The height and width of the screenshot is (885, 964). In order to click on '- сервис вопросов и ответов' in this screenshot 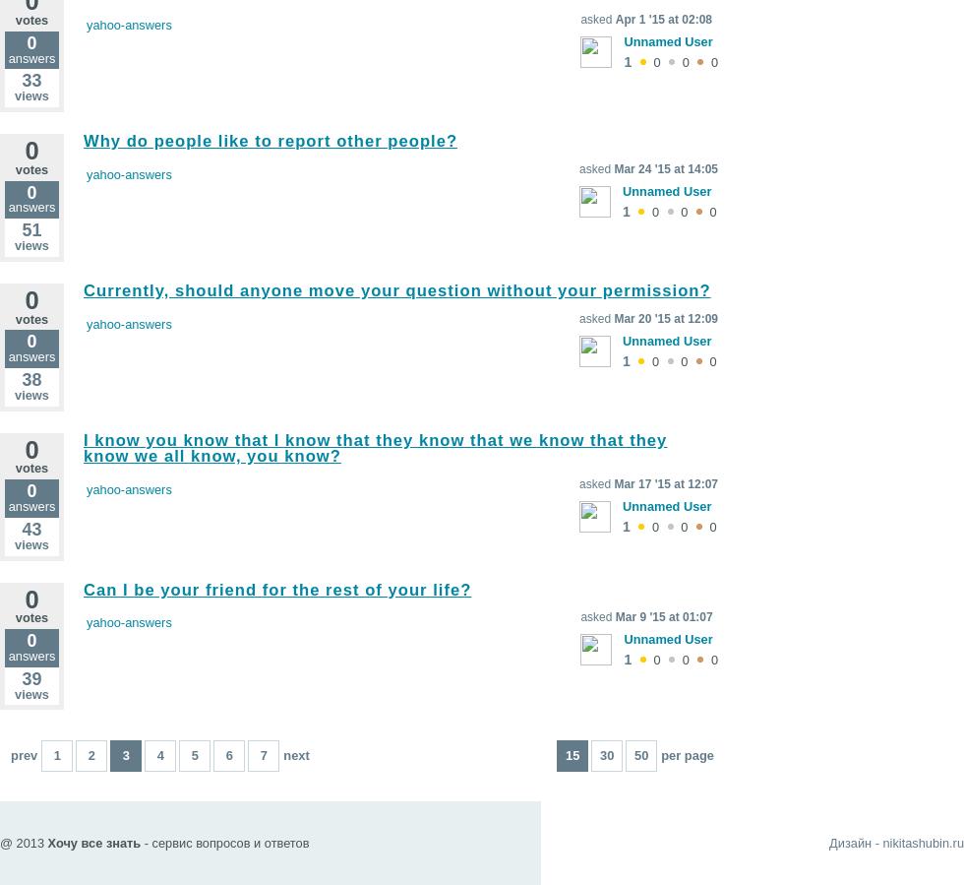, I will do `click(224, 843)`.